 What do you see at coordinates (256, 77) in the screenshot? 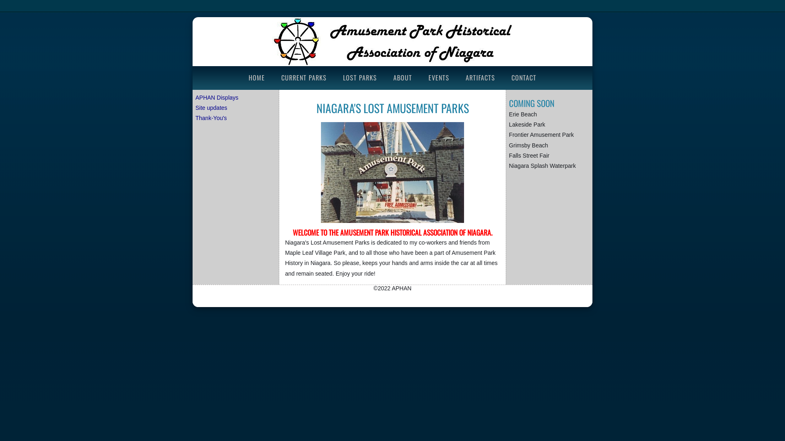
I see `'HOME'` at bounding box center [256, 77].